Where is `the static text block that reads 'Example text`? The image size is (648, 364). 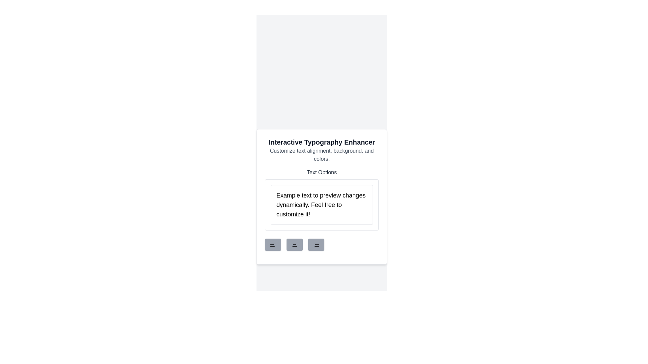
the static text block that reads 'Example text is located at coordinates (321, 205).